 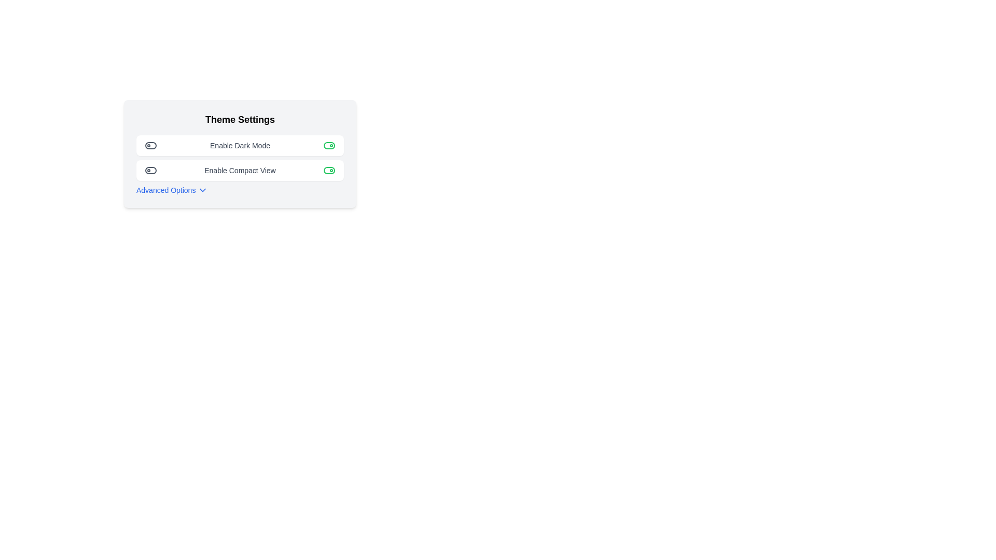 What do you see at coordinates (150, 170) in the screenshot?
I see `the background rectangle of the toggle switch located under the 'Theme Settings' header, adjacent to the 'Enable Compact View' label` at bounding box center [150, 170].